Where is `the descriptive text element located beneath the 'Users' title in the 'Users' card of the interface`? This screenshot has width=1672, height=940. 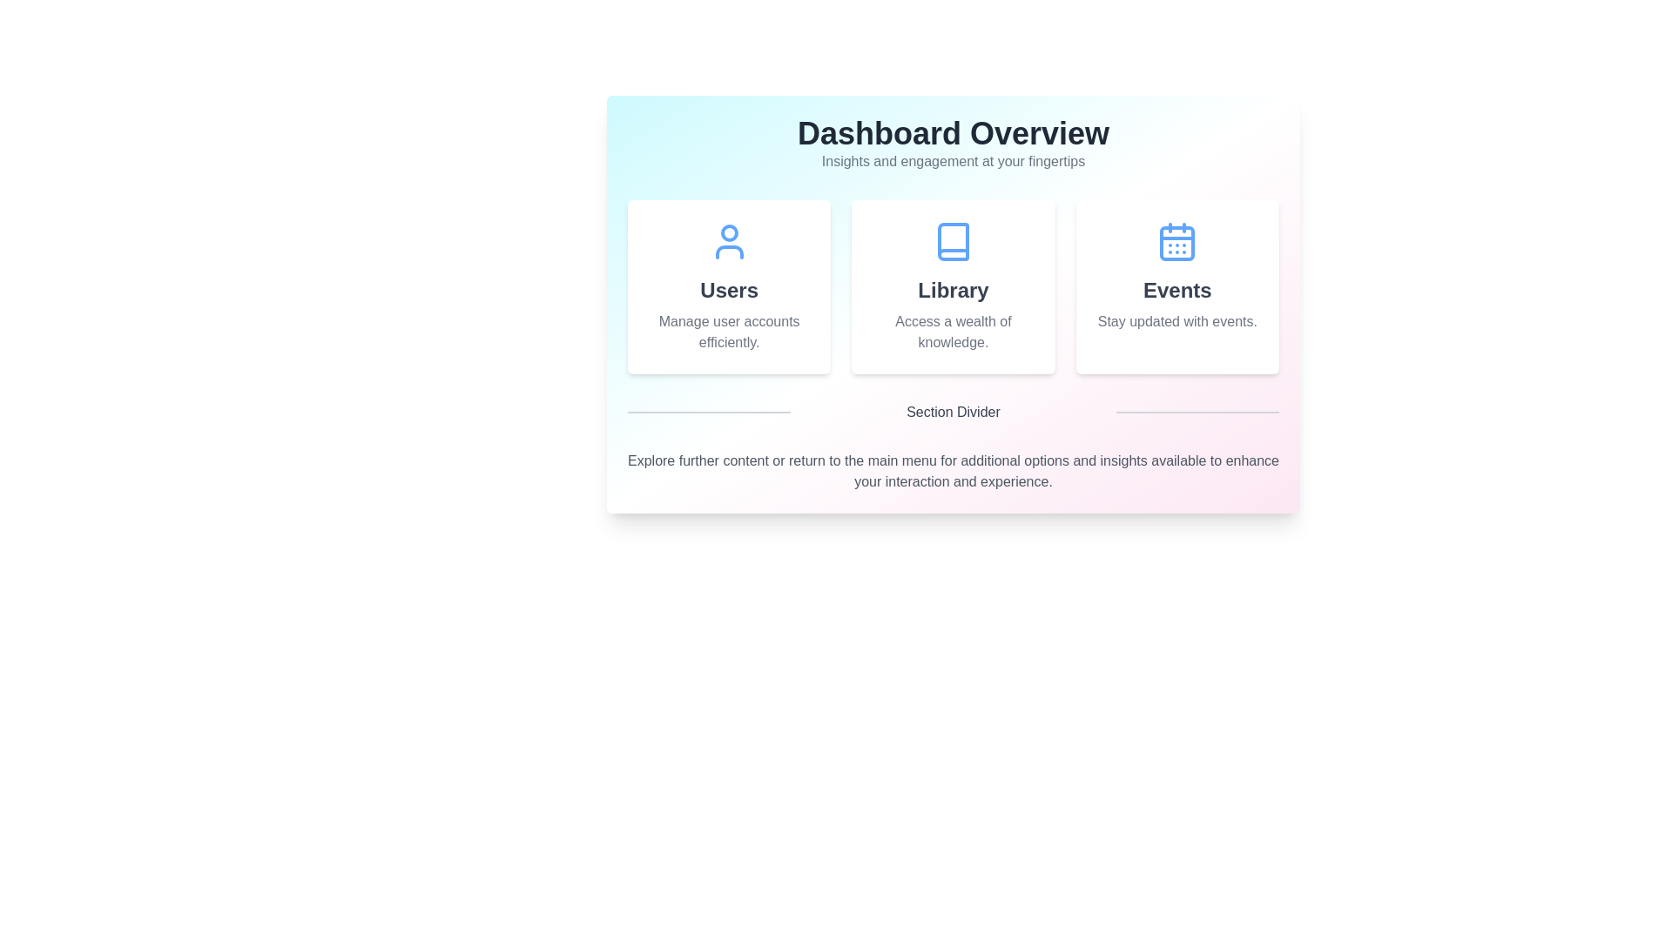 the descriptive text element located beneath the 'Users' title in the 'Users' card of the interface is located at coordinates (729, 332).